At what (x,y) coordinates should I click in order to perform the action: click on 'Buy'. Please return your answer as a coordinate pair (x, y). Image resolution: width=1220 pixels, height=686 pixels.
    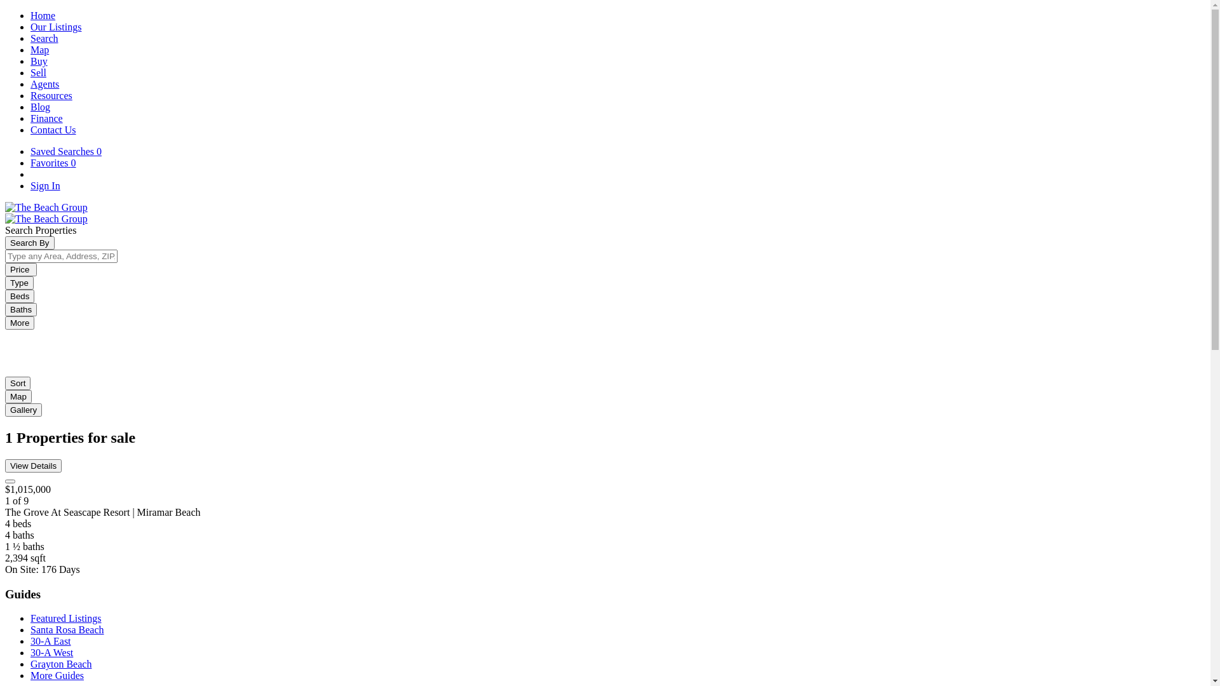
    Looking at the image, I should click on (30, 61).